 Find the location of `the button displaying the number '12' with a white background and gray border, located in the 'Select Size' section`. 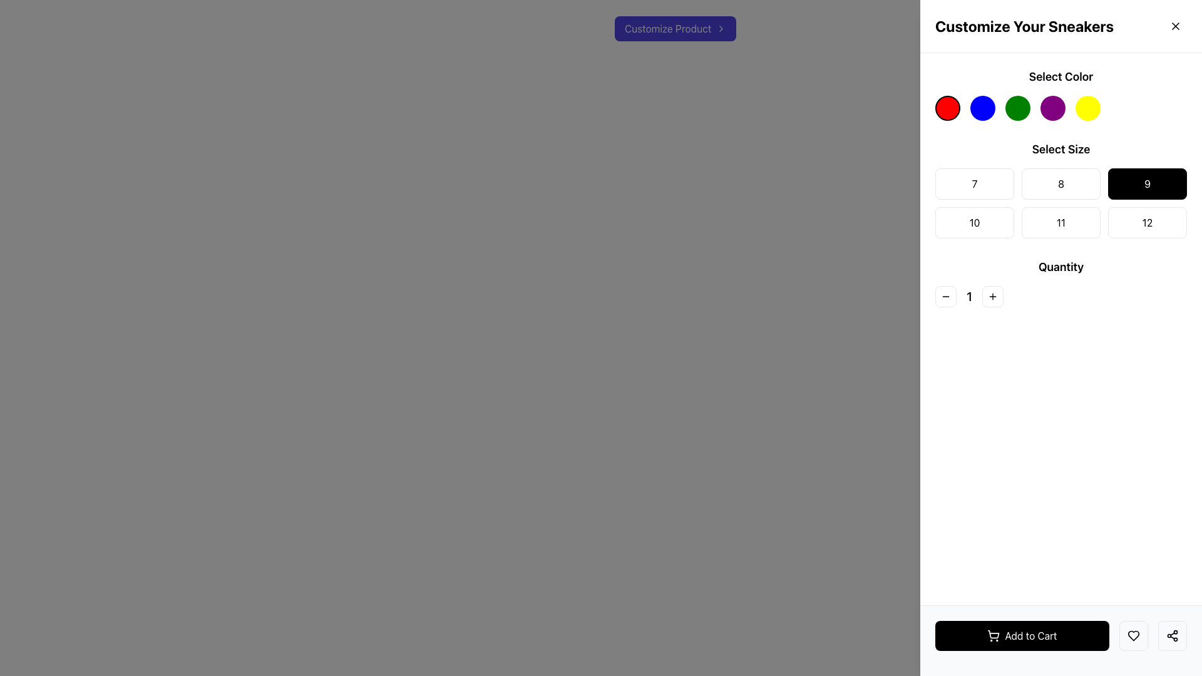

the button displaying the number '12' with a white background and gray border, located in the 'Select Size' section is located at coordinates (1148, 222).